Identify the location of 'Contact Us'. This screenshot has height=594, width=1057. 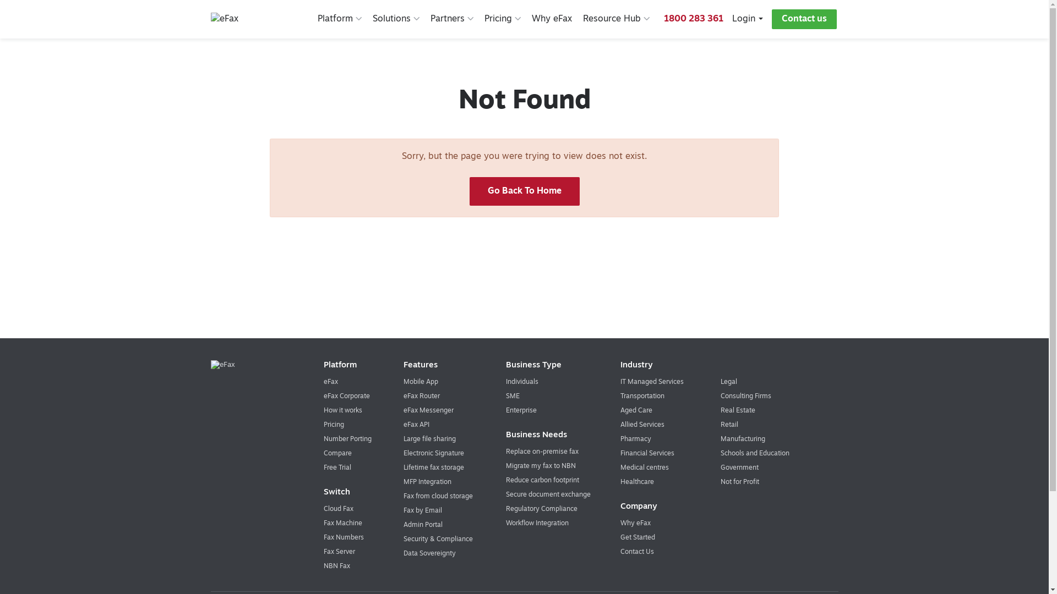
(637, 552).